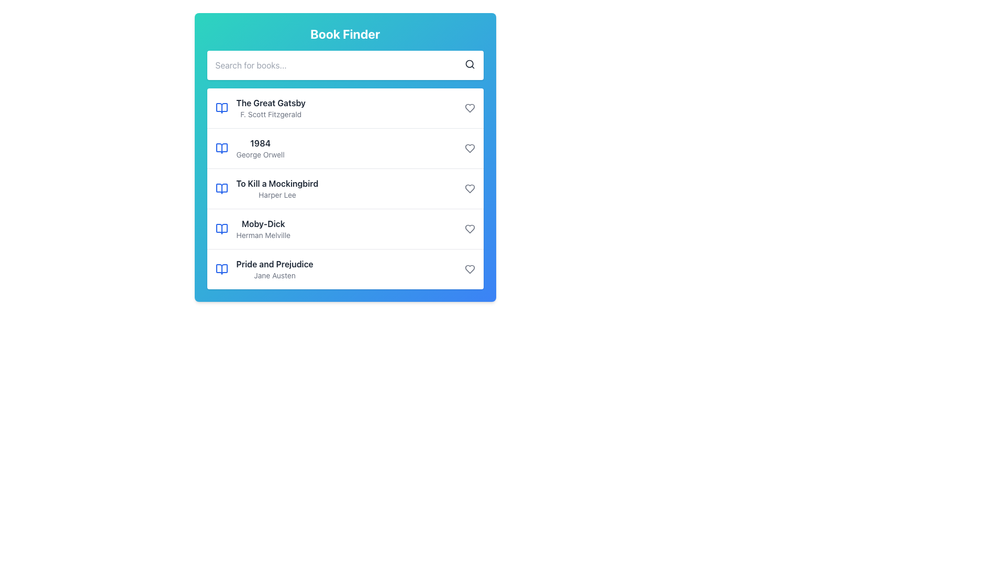 Image resolution: width=1005 pixels, height=565 pixels. Describe the element at coordinates (271, 115) in the screenshot. I see `the static text label providing information about the author of 'The Great Gatsby', which is positioned below the title in the book entry list` at that location.